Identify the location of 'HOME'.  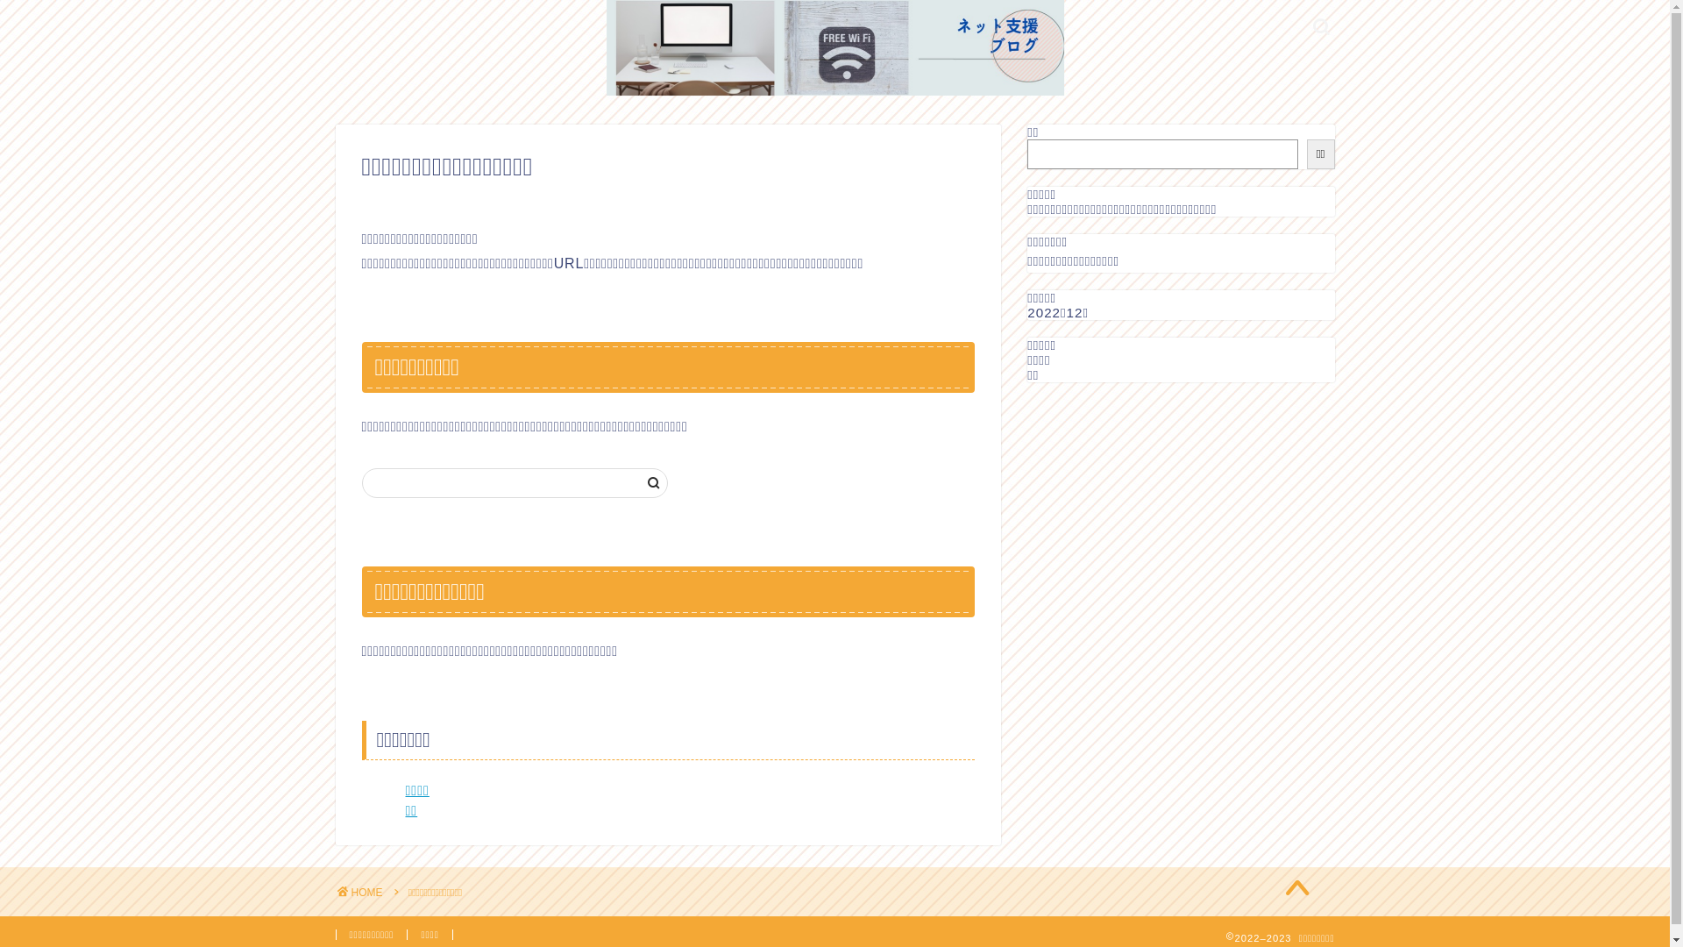
(358, 893).